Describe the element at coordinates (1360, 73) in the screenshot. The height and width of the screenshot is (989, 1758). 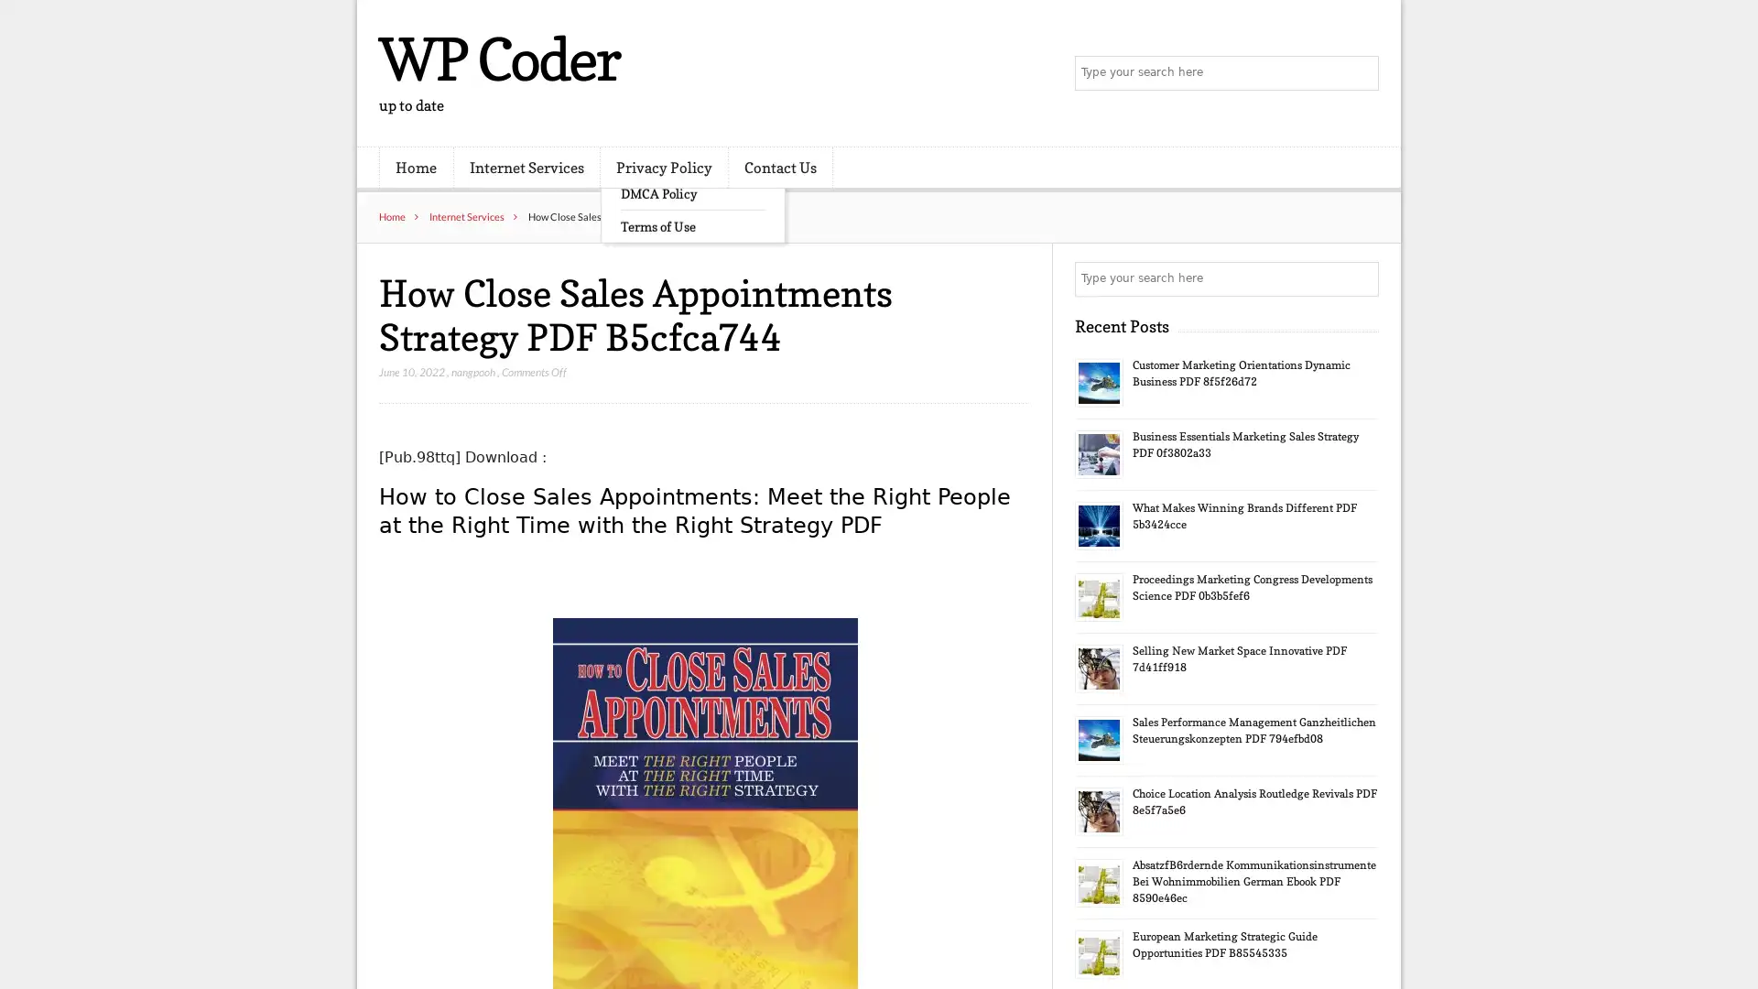
I see `Search` at that location.